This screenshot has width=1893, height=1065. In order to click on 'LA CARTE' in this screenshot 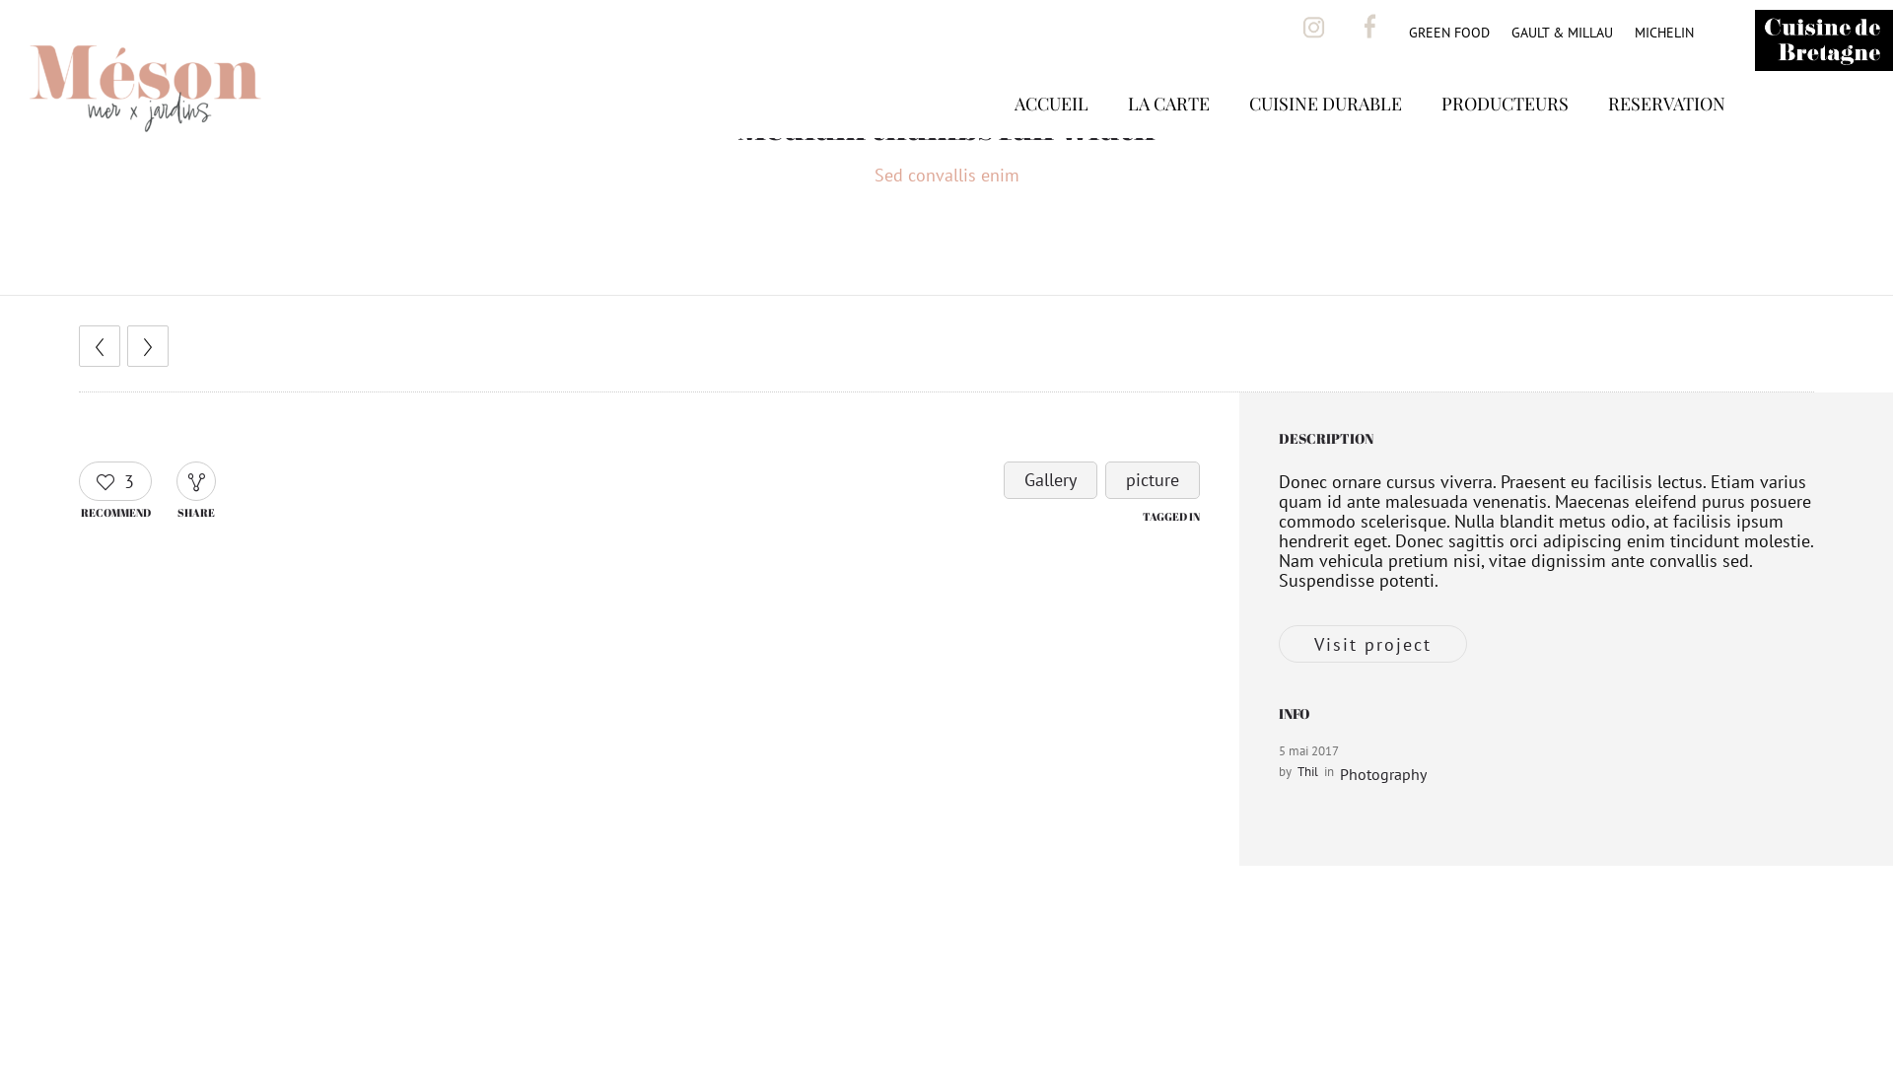, I will do `click(1168, 133)`.